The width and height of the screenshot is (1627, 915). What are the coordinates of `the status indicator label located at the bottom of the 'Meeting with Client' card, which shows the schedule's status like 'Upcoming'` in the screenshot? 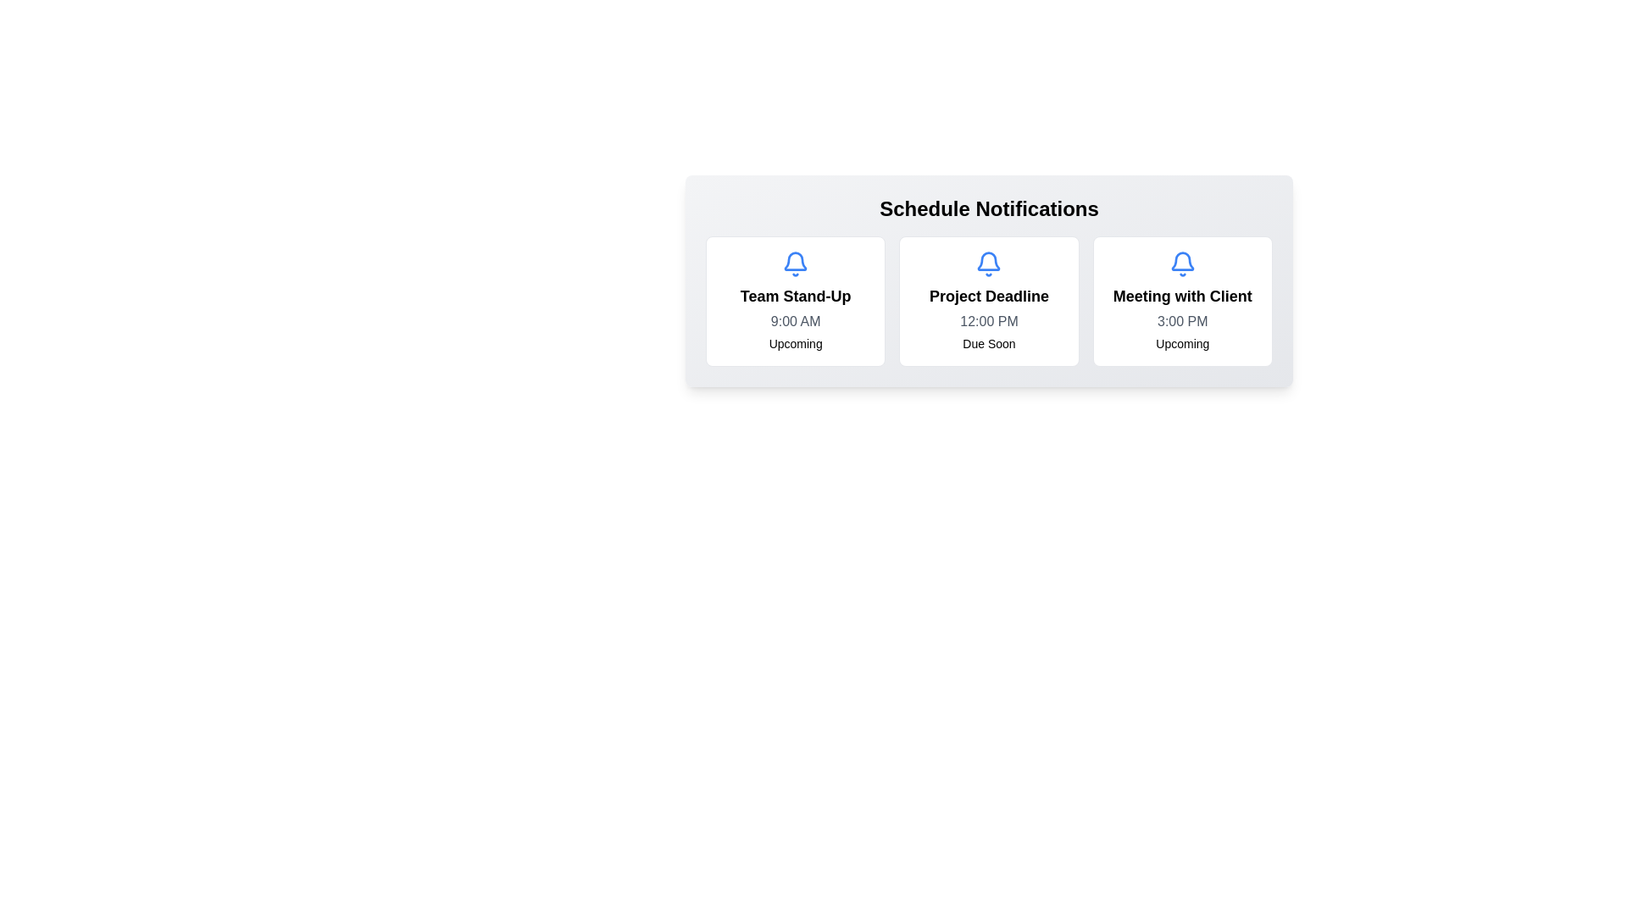 It's located at (1181, 343).